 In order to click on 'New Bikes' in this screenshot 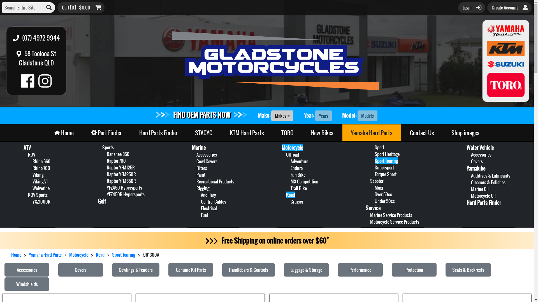, I will do `click(322, 133)`.